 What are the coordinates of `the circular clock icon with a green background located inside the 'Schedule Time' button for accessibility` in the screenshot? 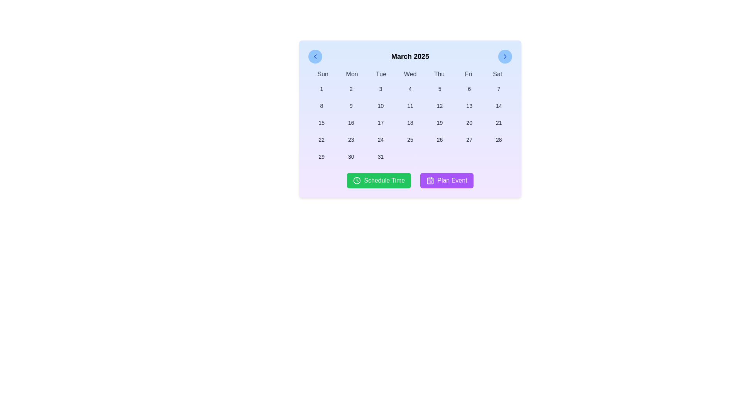 It's located at (357, 181).